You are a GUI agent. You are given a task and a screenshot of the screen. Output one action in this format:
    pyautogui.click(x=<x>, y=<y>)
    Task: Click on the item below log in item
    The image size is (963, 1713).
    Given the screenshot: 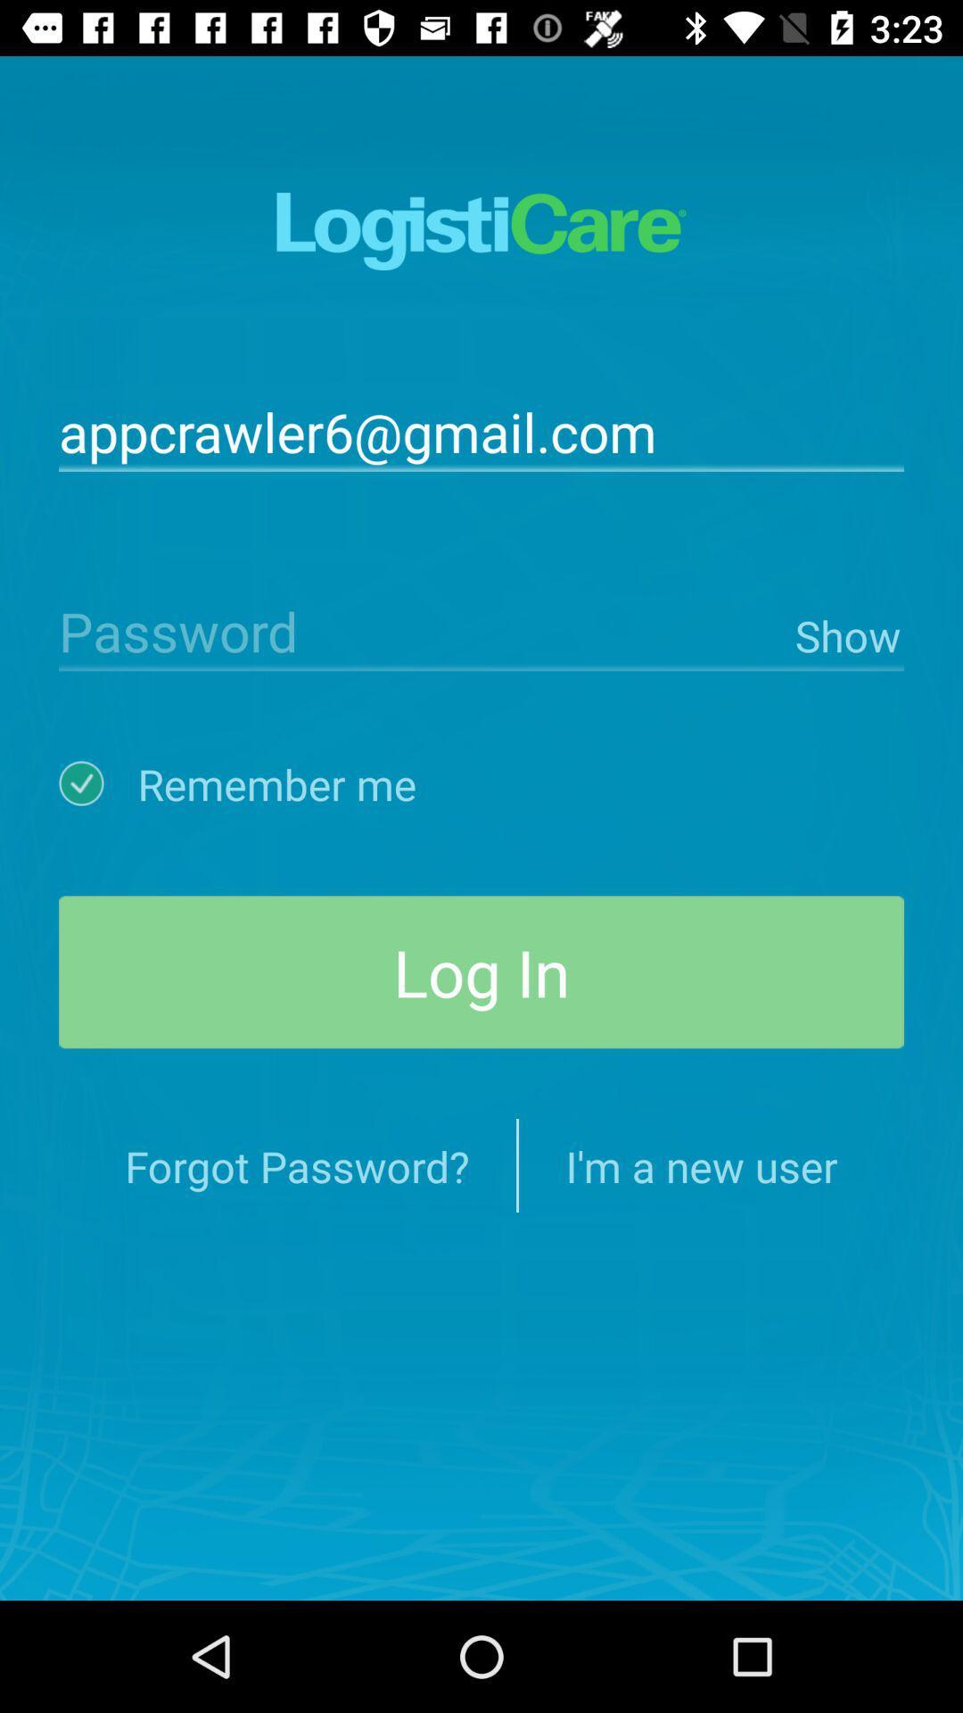 What is the action you would take?
    pyautogui.click(x=296, y=1165)
    